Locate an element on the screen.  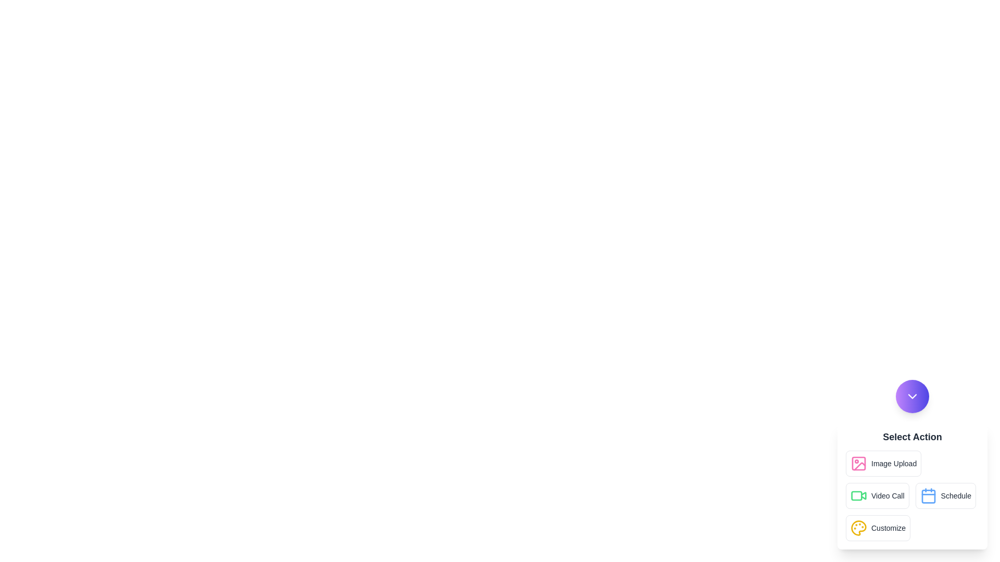
the customization icon located next to the 'Customize' label at the bottom of the vertical list of options is located at coordinates (859, 528).